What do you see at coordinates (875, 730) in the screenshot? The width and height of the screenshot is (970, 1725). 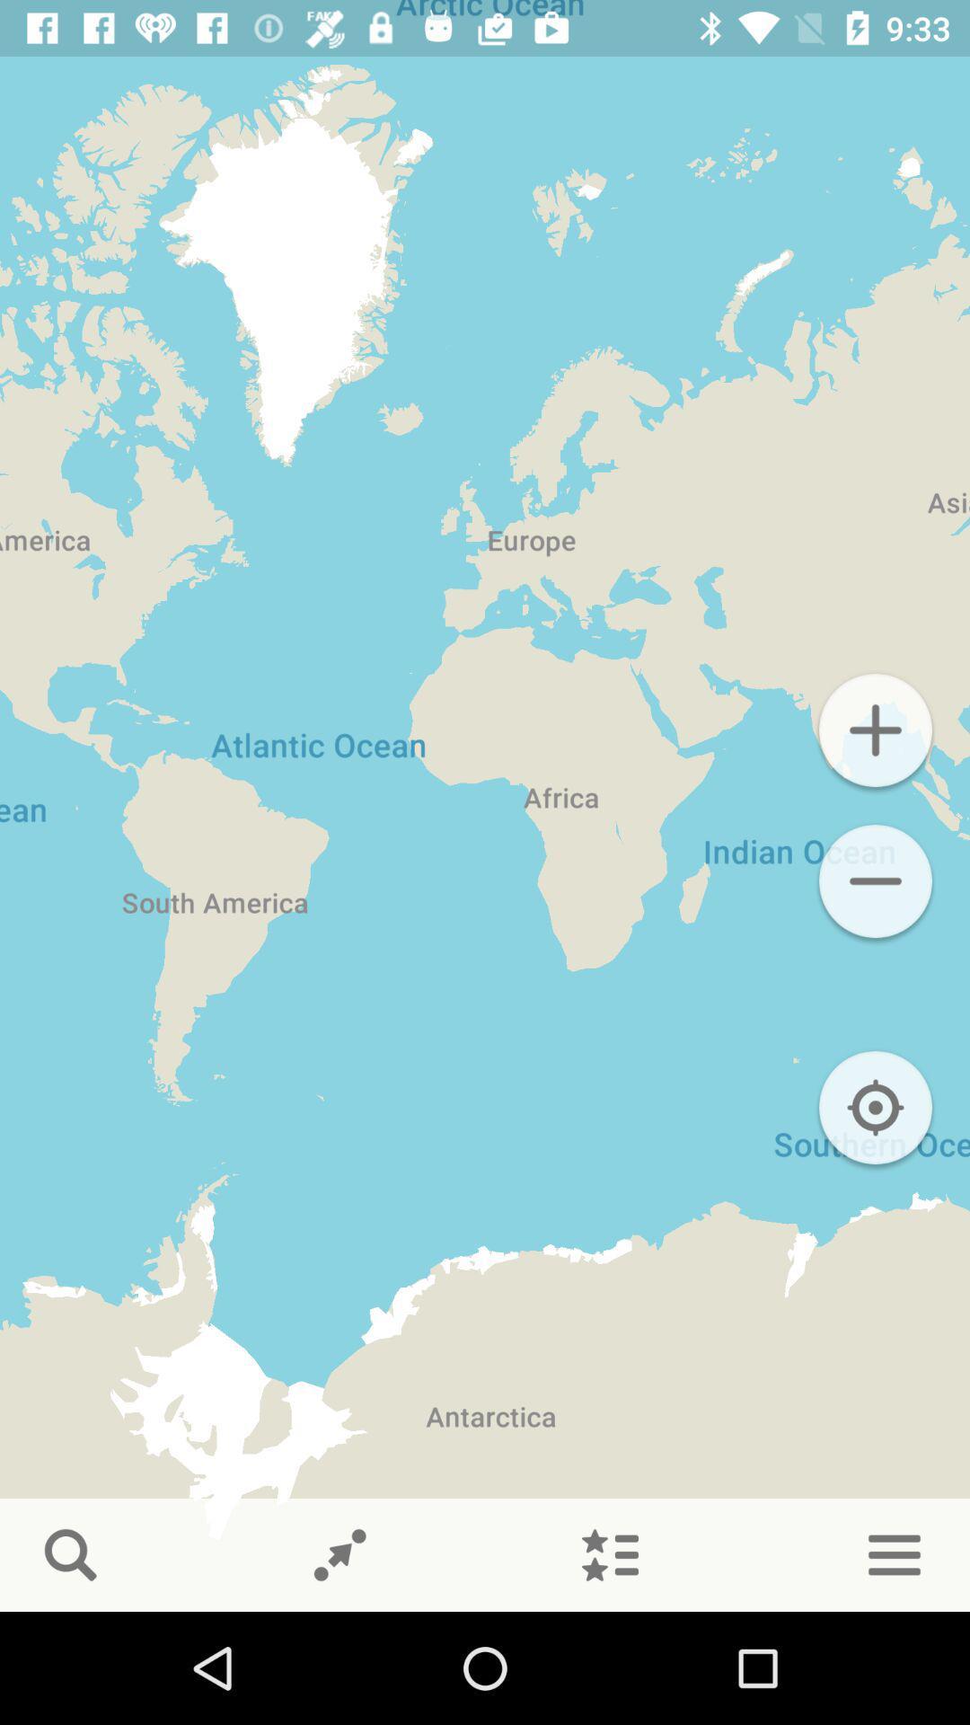 I see `switch add option` at bounding box center [875, 730].